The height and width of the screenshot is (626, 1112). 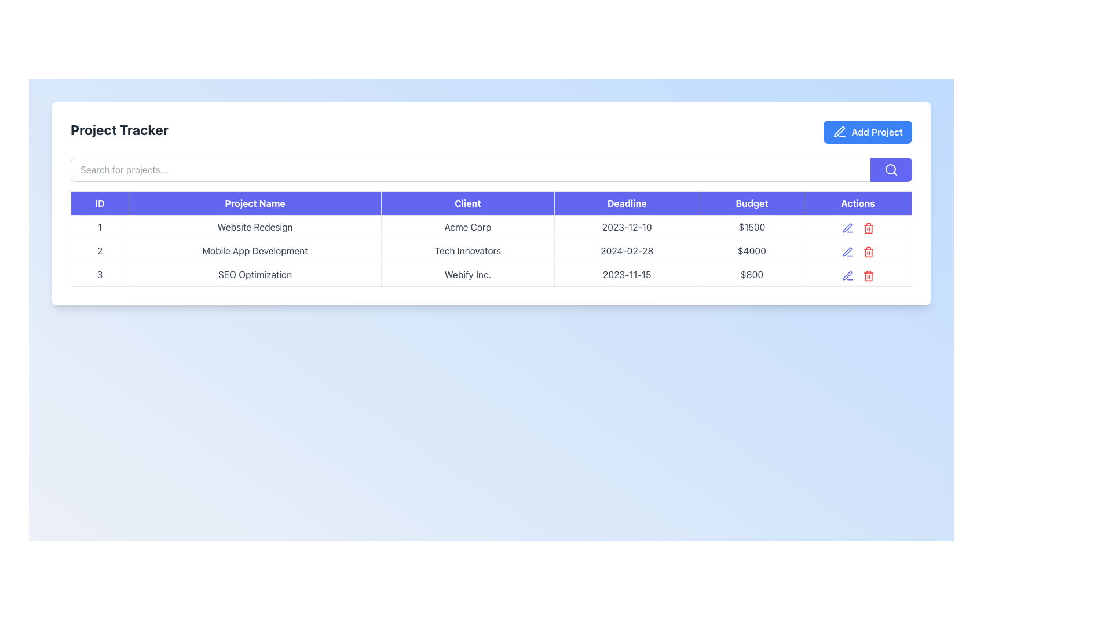 What do you see at coordinates (467, 250) in the screenshot?
I see `the 'Tech Innovators' Text Display Cell, which is the third cell in the second row of the table, located between 'Mobile App Development' and '2024-02-28'` at bounding box center [467, 250].